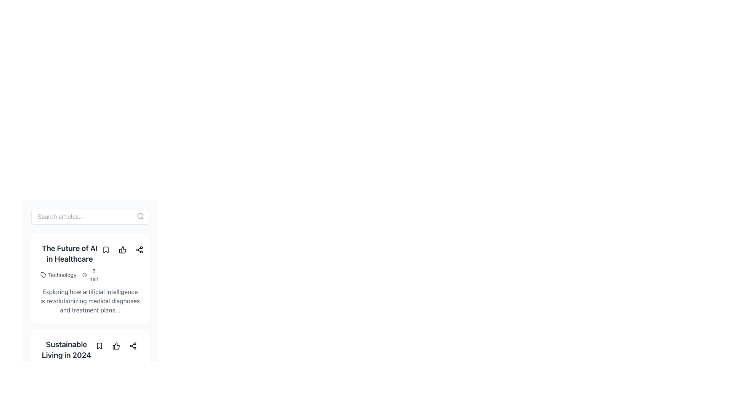 The height and width of the screenshot is (412, 732). I want to click on the like icon on the interactive card titled 'The Future of AI in Healthcare' to express approval, so click(90, 276).